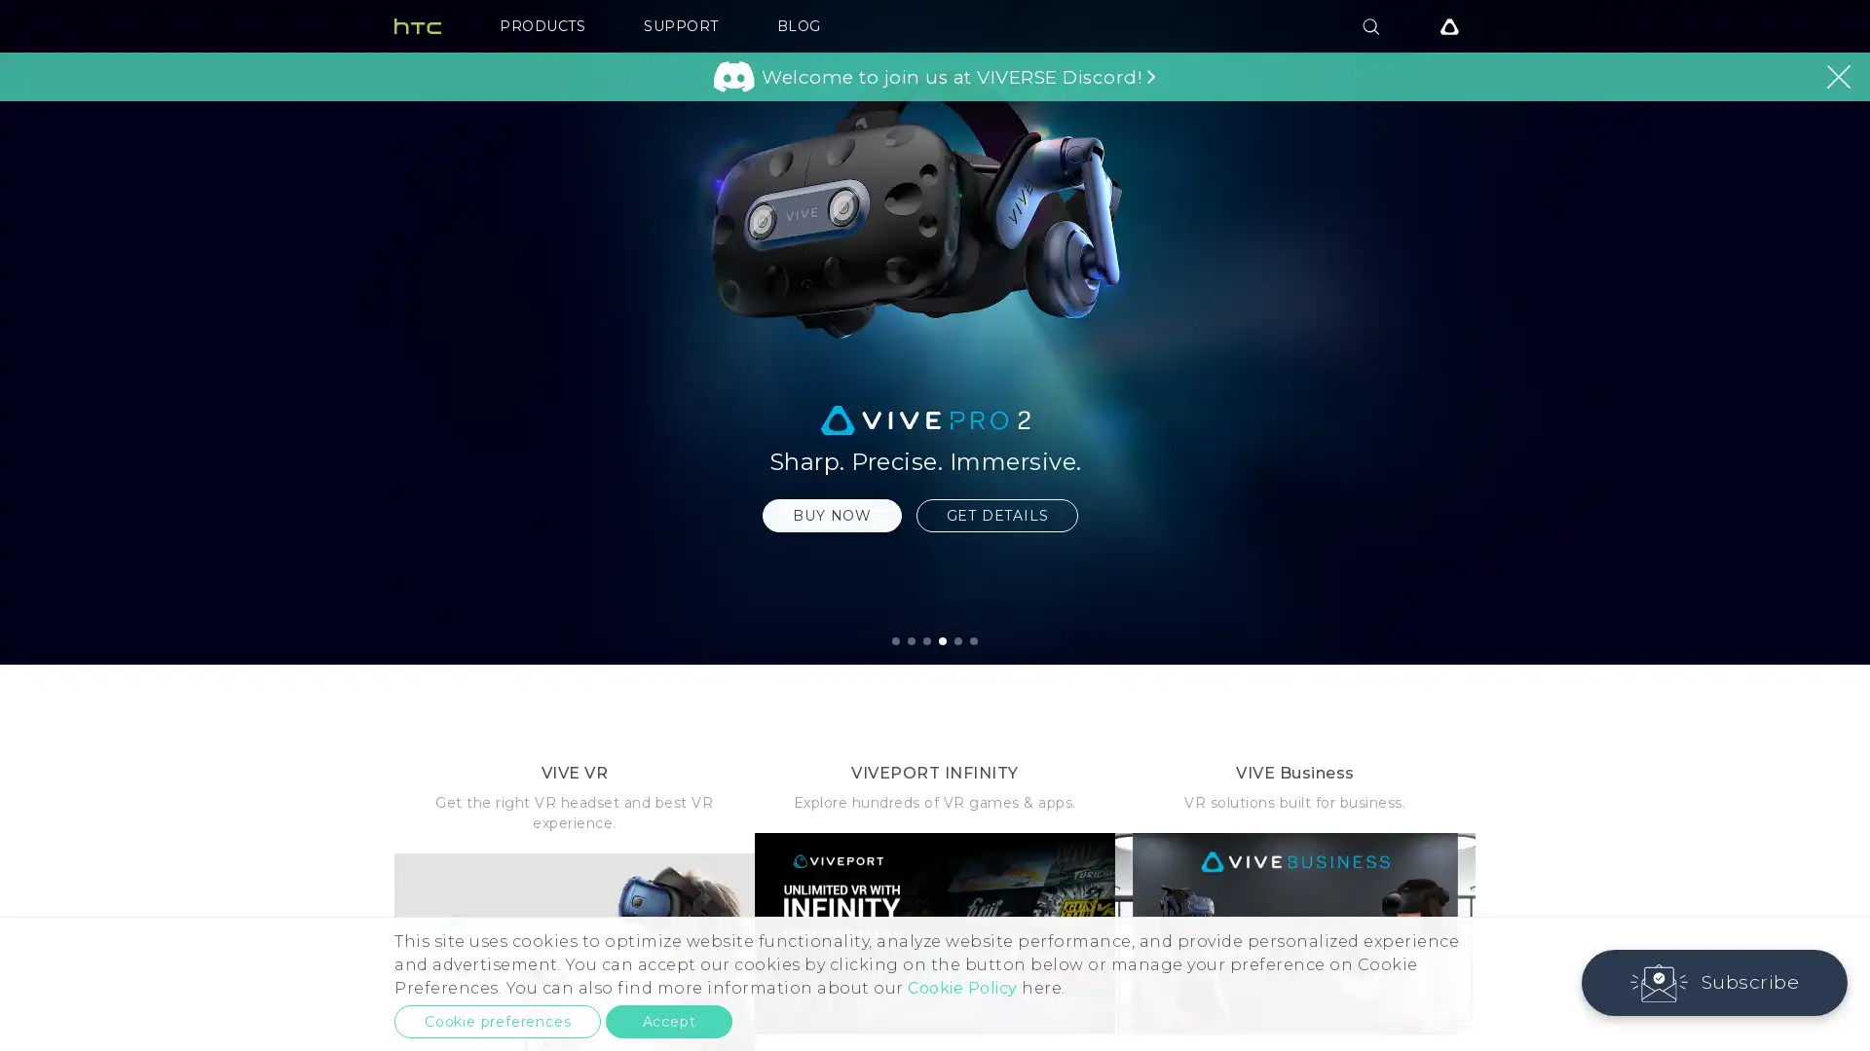  Describe the element at coordinates (957, 641) in the screenshot. I see `5` at that location.